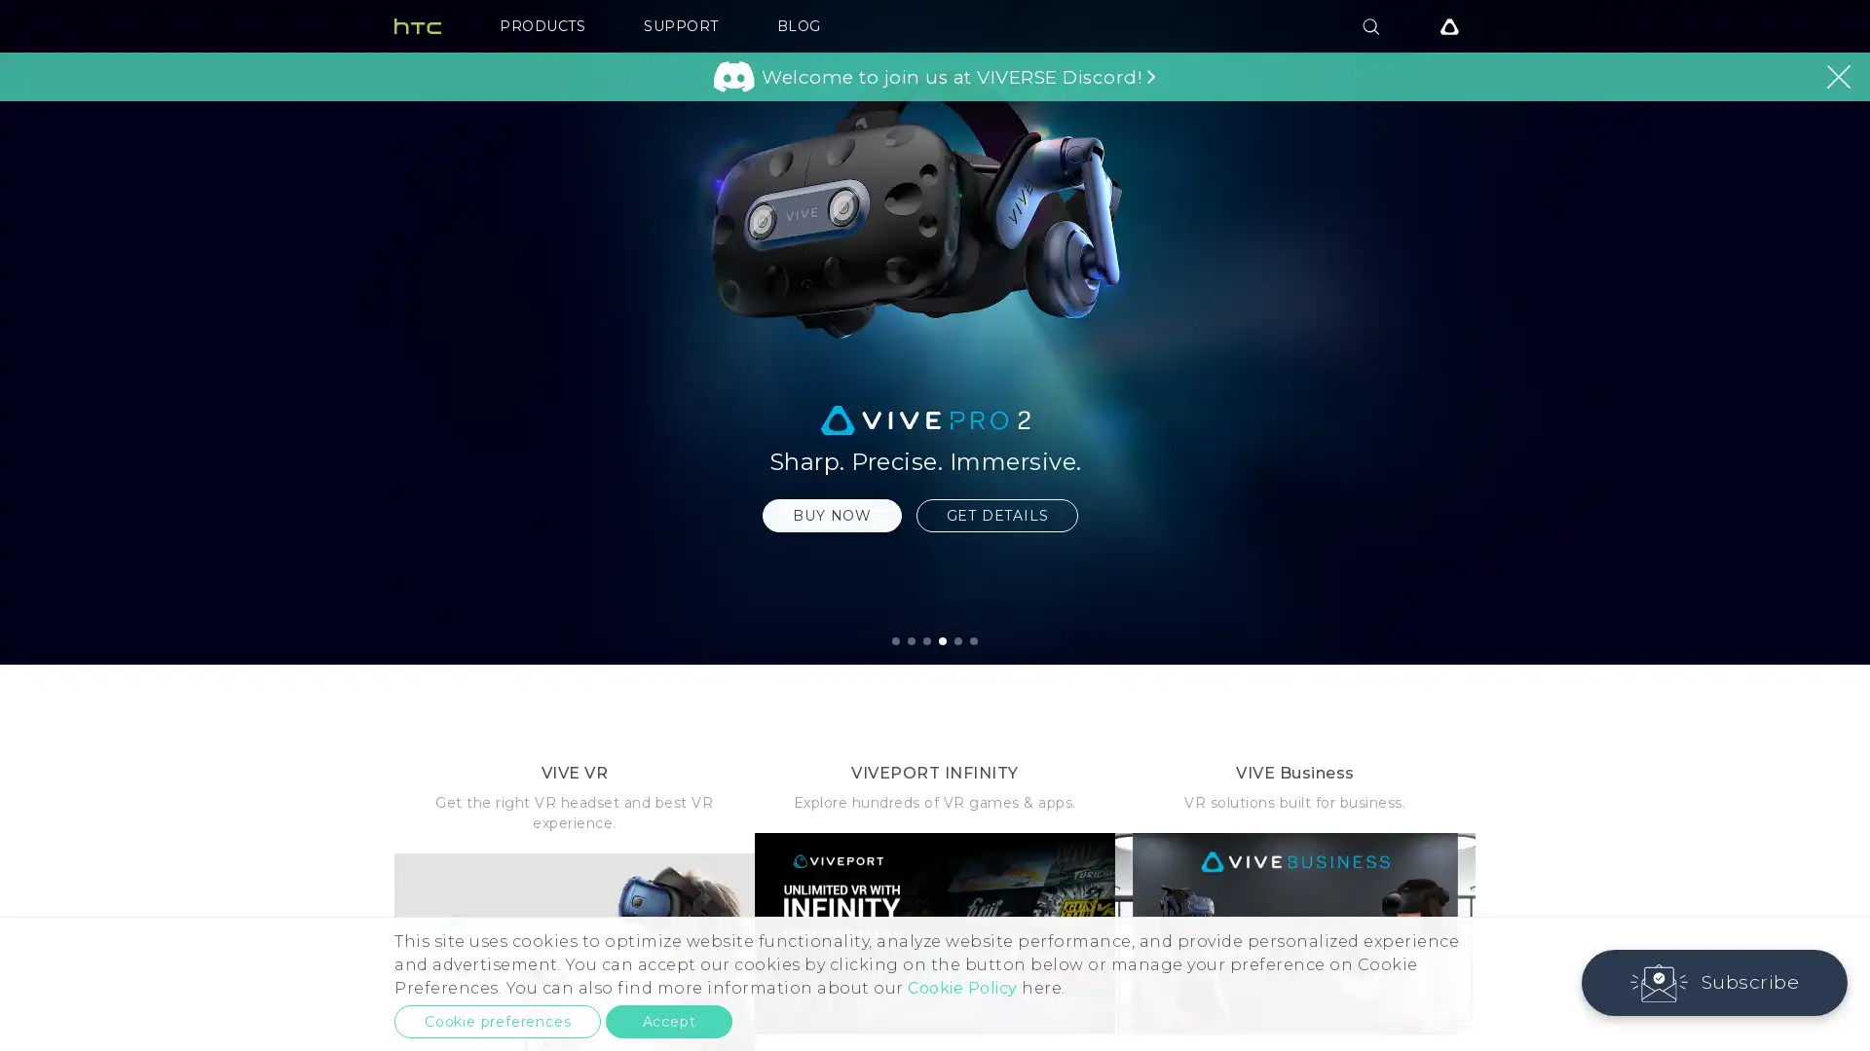  Describe the element at coordinates (957, 641) in the screenshot. I see `5` at that location.